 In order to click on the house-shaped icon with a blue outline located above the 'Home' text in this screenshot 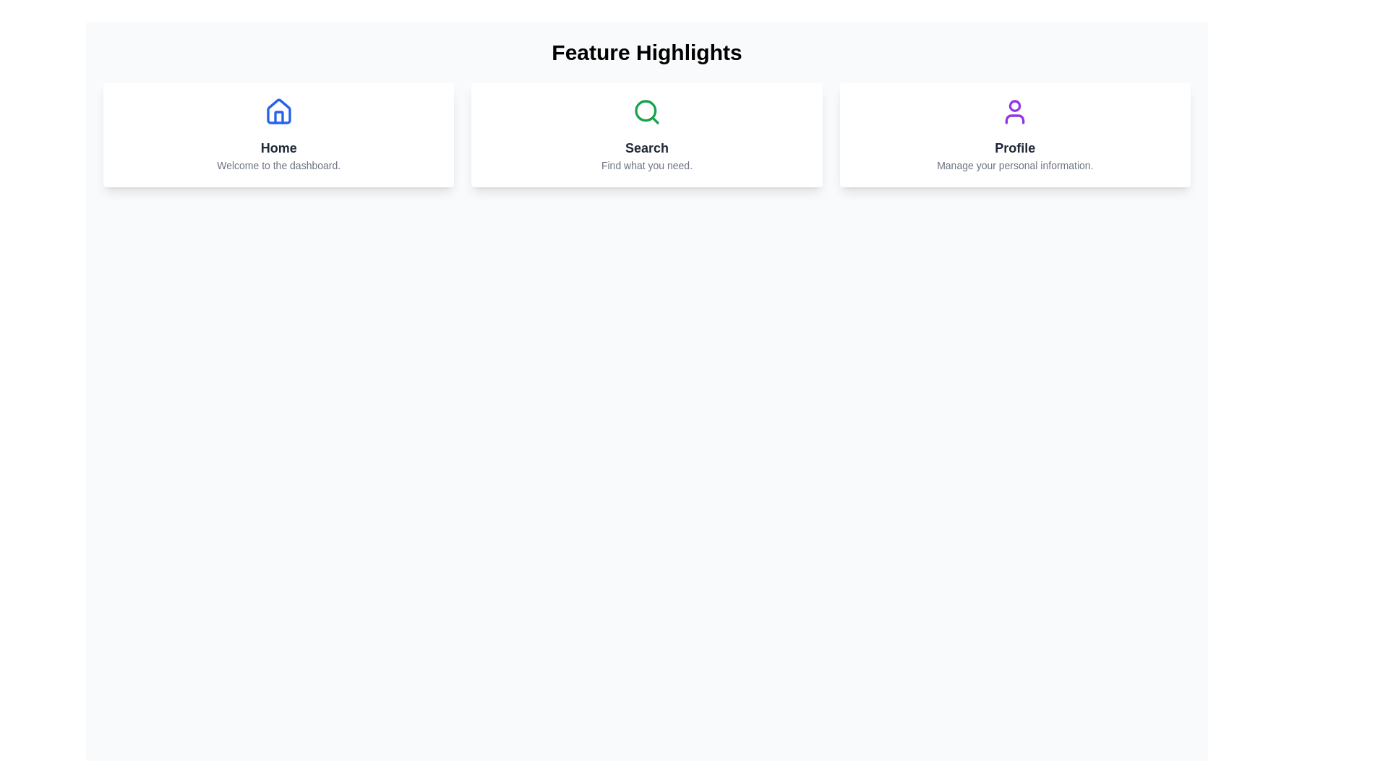, I will do `click(278, 111)`.